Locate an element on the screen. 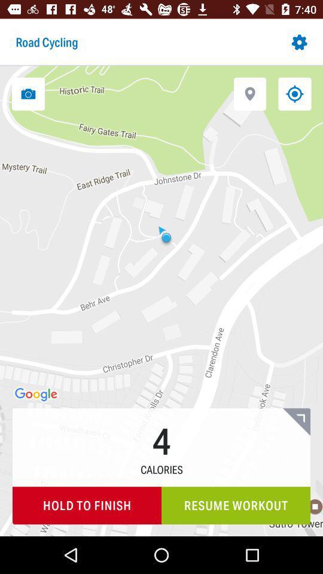 The width and height of the screenshot is (323, 574). the item next to the resume workout item is located at coordinates (86, 505).